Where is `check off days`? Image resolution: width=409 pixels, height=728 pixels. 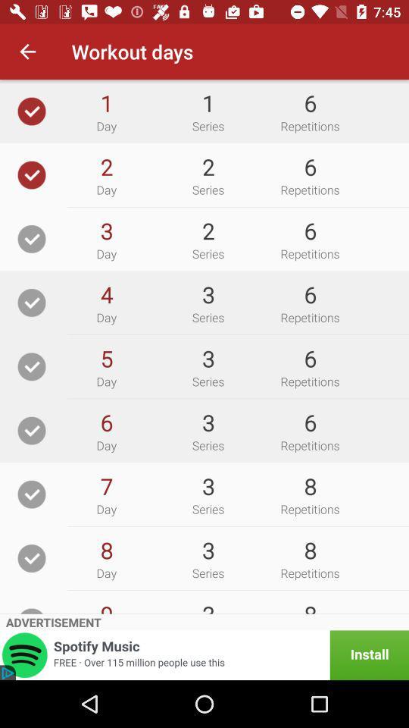 check off days is located at coordinates (32, 366).